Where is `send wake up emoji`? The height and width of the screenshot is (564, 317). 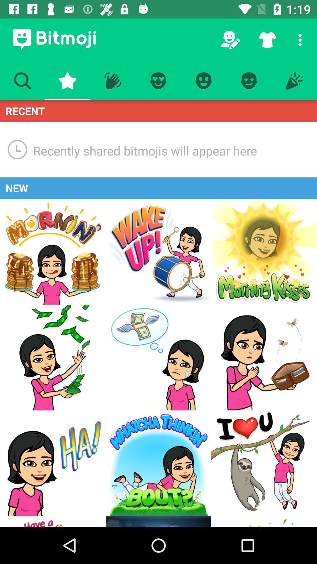
send wake up emoji is located at coordinates (158, 252).